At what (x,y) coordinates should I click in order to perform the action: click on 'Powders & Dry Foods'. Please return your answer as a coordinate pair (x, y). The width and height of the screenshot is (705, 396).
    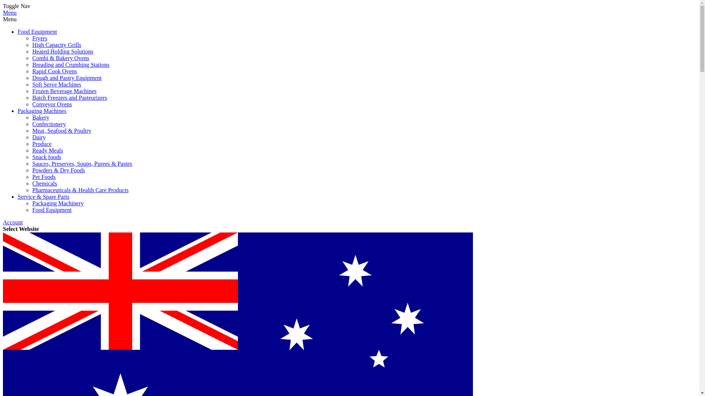
    Looking at the image, I should click on (58, 170).